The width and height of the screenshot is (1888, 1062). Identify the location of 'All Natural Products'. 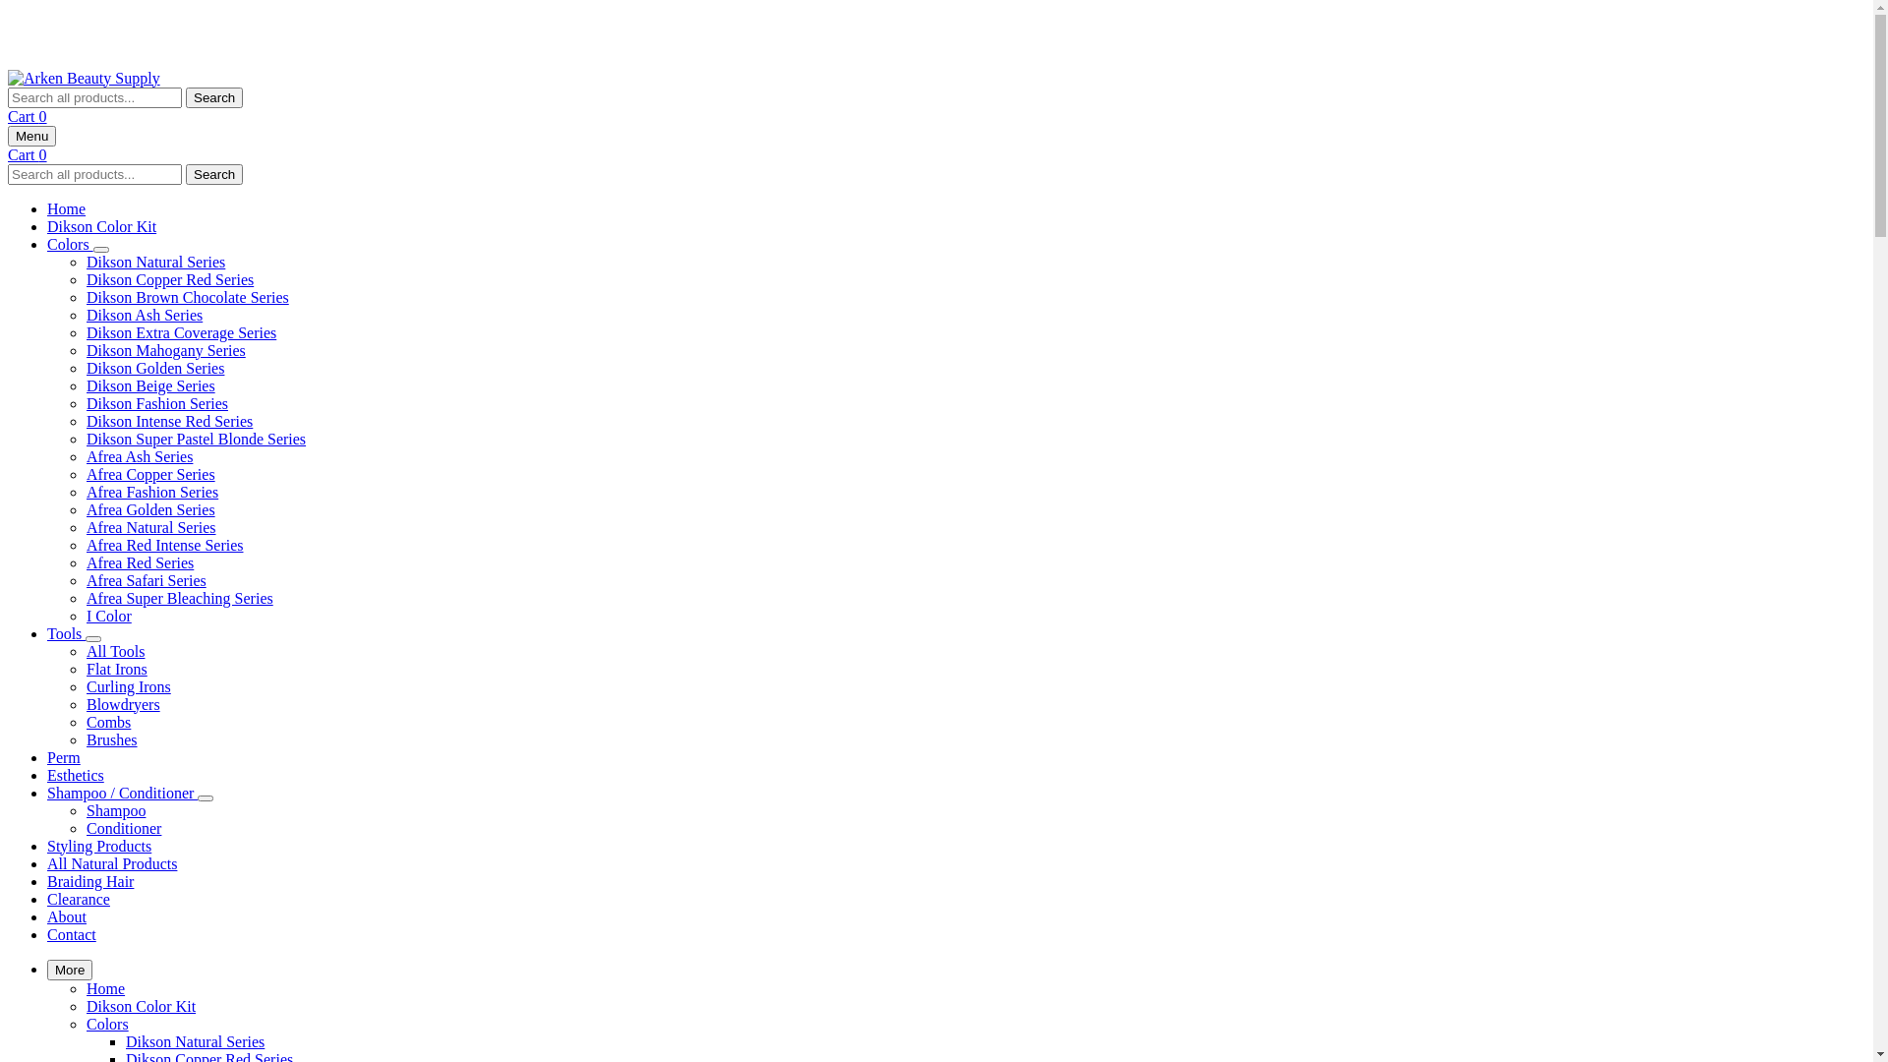
(111, 862).